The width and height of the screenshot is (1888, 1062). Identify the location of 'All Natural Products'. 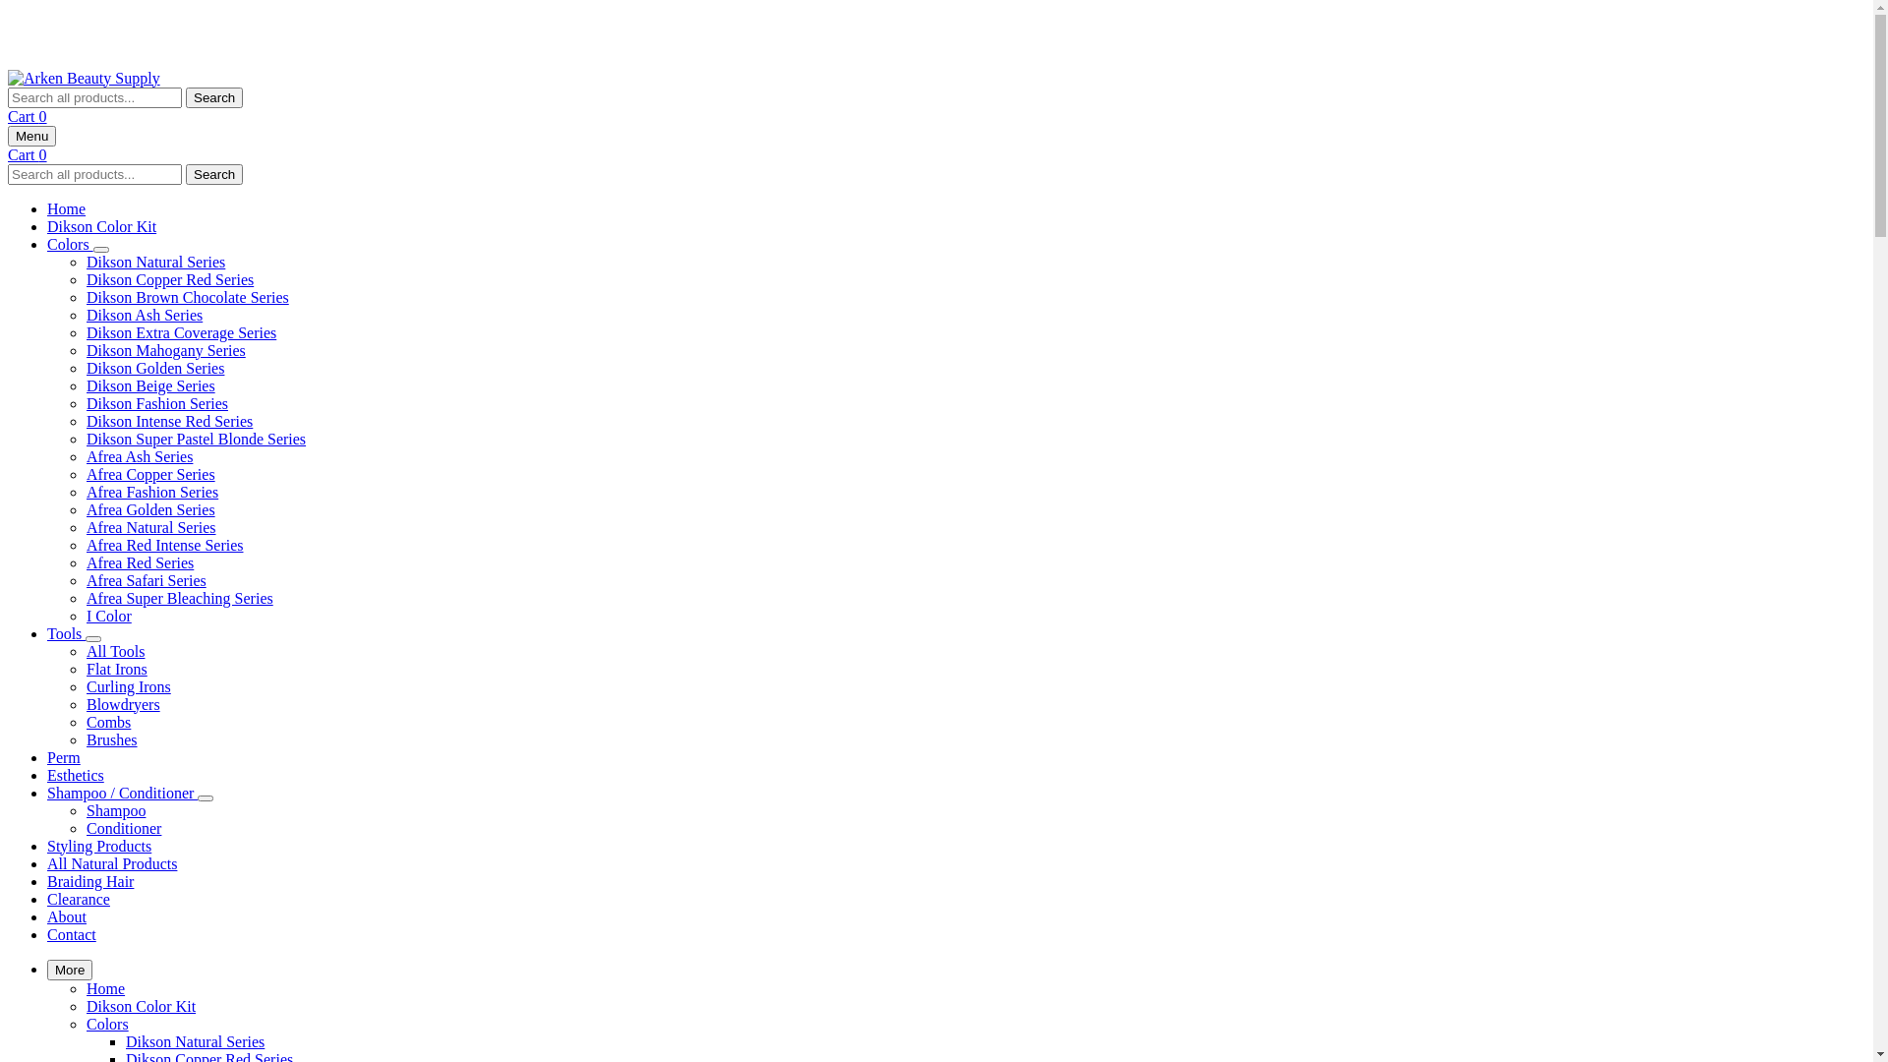
(111, 862).